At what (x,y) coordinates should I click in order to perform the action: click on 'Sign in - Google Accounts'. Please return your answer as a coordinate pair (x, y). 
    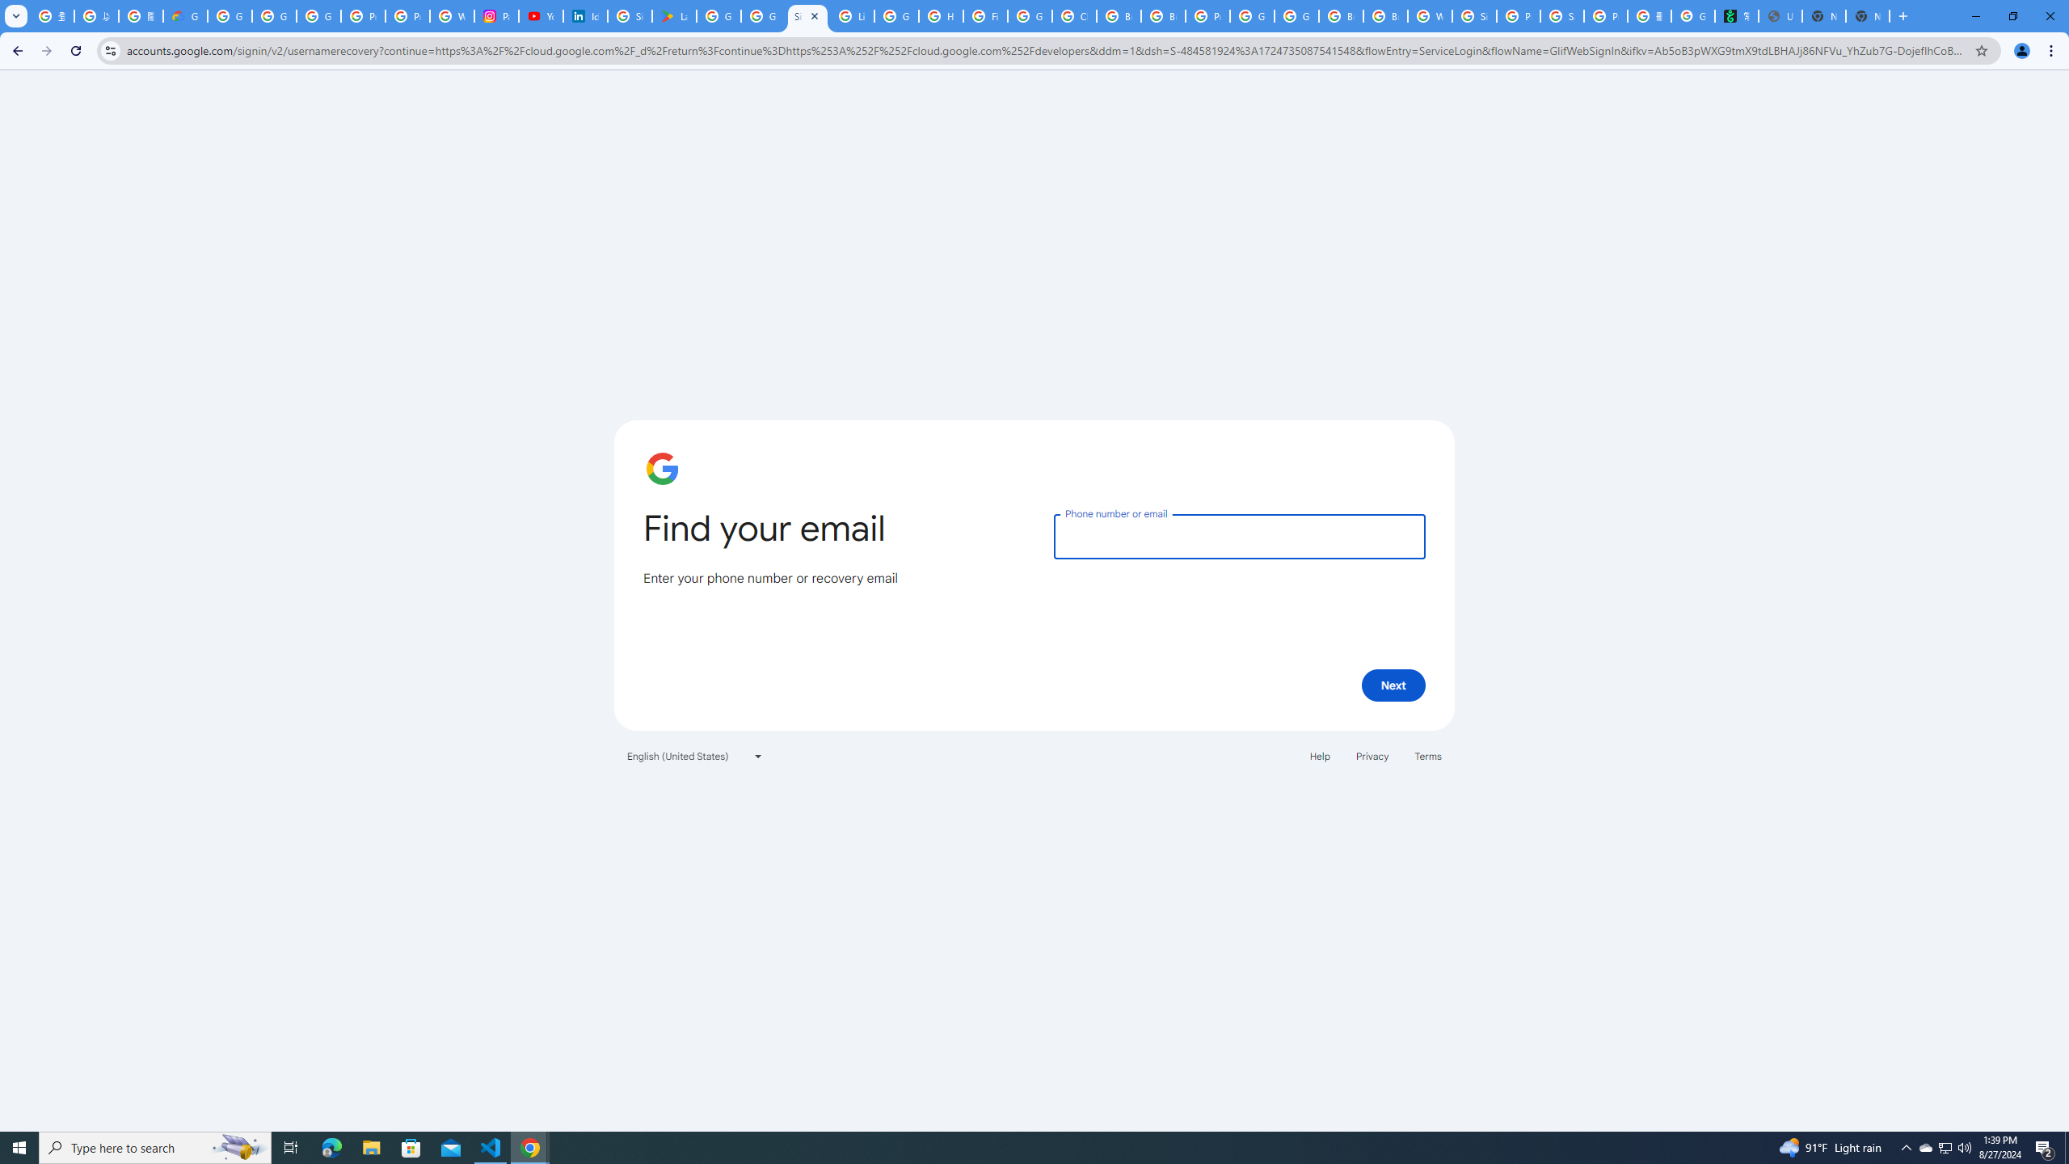
    Looking at the image, I should click on (807, 15).